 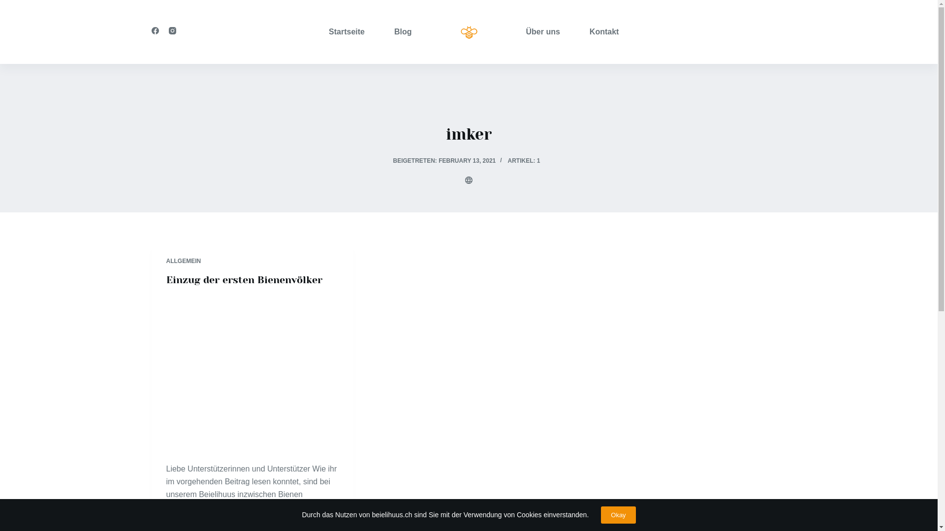 I want to click on 'Kontakt', so click(x=597, y=31).